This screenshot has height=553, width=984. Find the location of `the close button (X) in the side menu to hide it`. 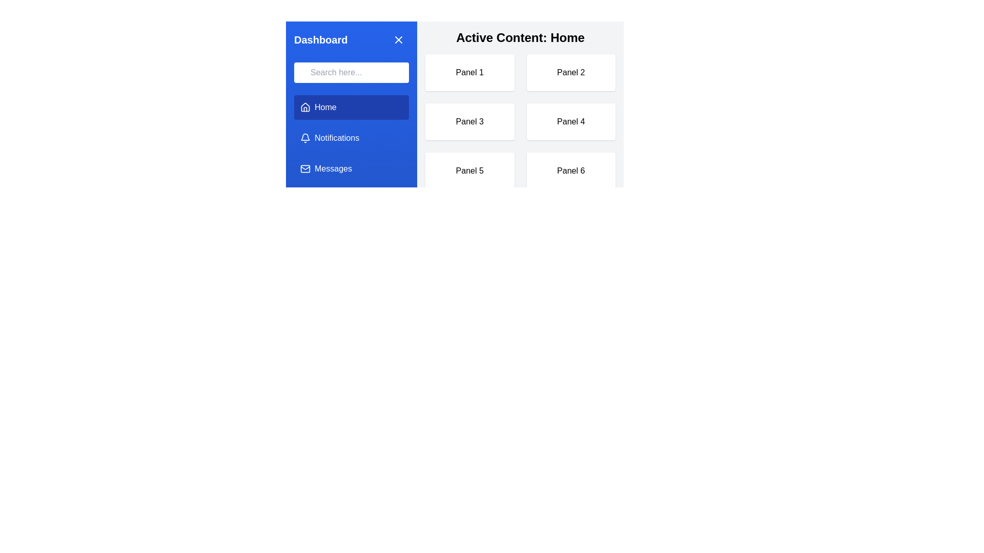

the close button (X) in the side menu to hide it is located at coordinates (398, 39).